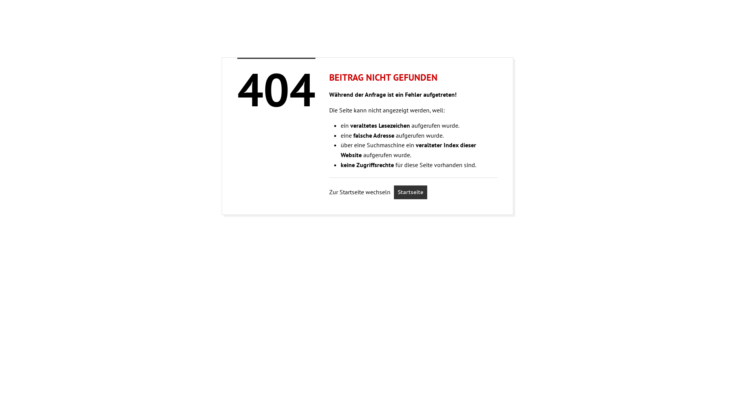 The image size is (735, 413). Describe the element at coordinates (410, 192) in the screenshot. I see `'Startseite'` at that location.